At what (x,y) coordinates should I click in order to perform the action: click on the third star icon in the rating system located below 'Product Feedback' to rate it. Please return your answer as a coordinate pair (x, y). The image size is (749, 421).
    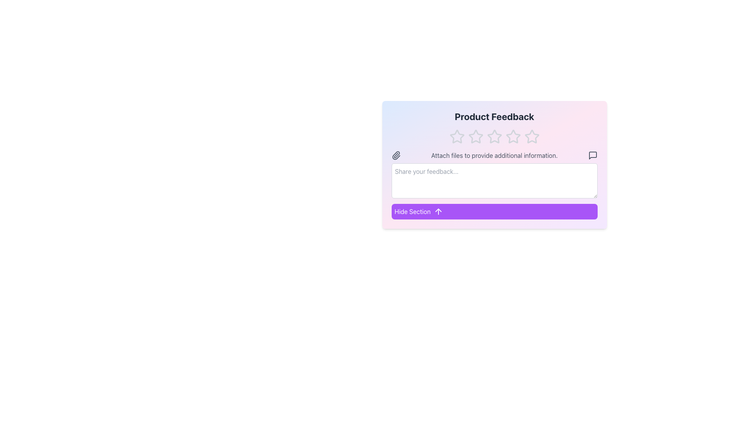
    Looking at the image, I should click on (494, 136).